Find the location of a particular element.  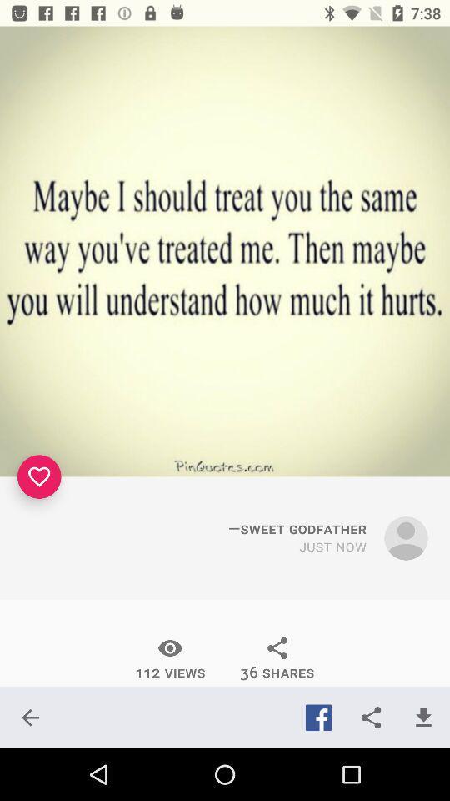

icon next to the 36 shares is located at coordinates (169, 658).